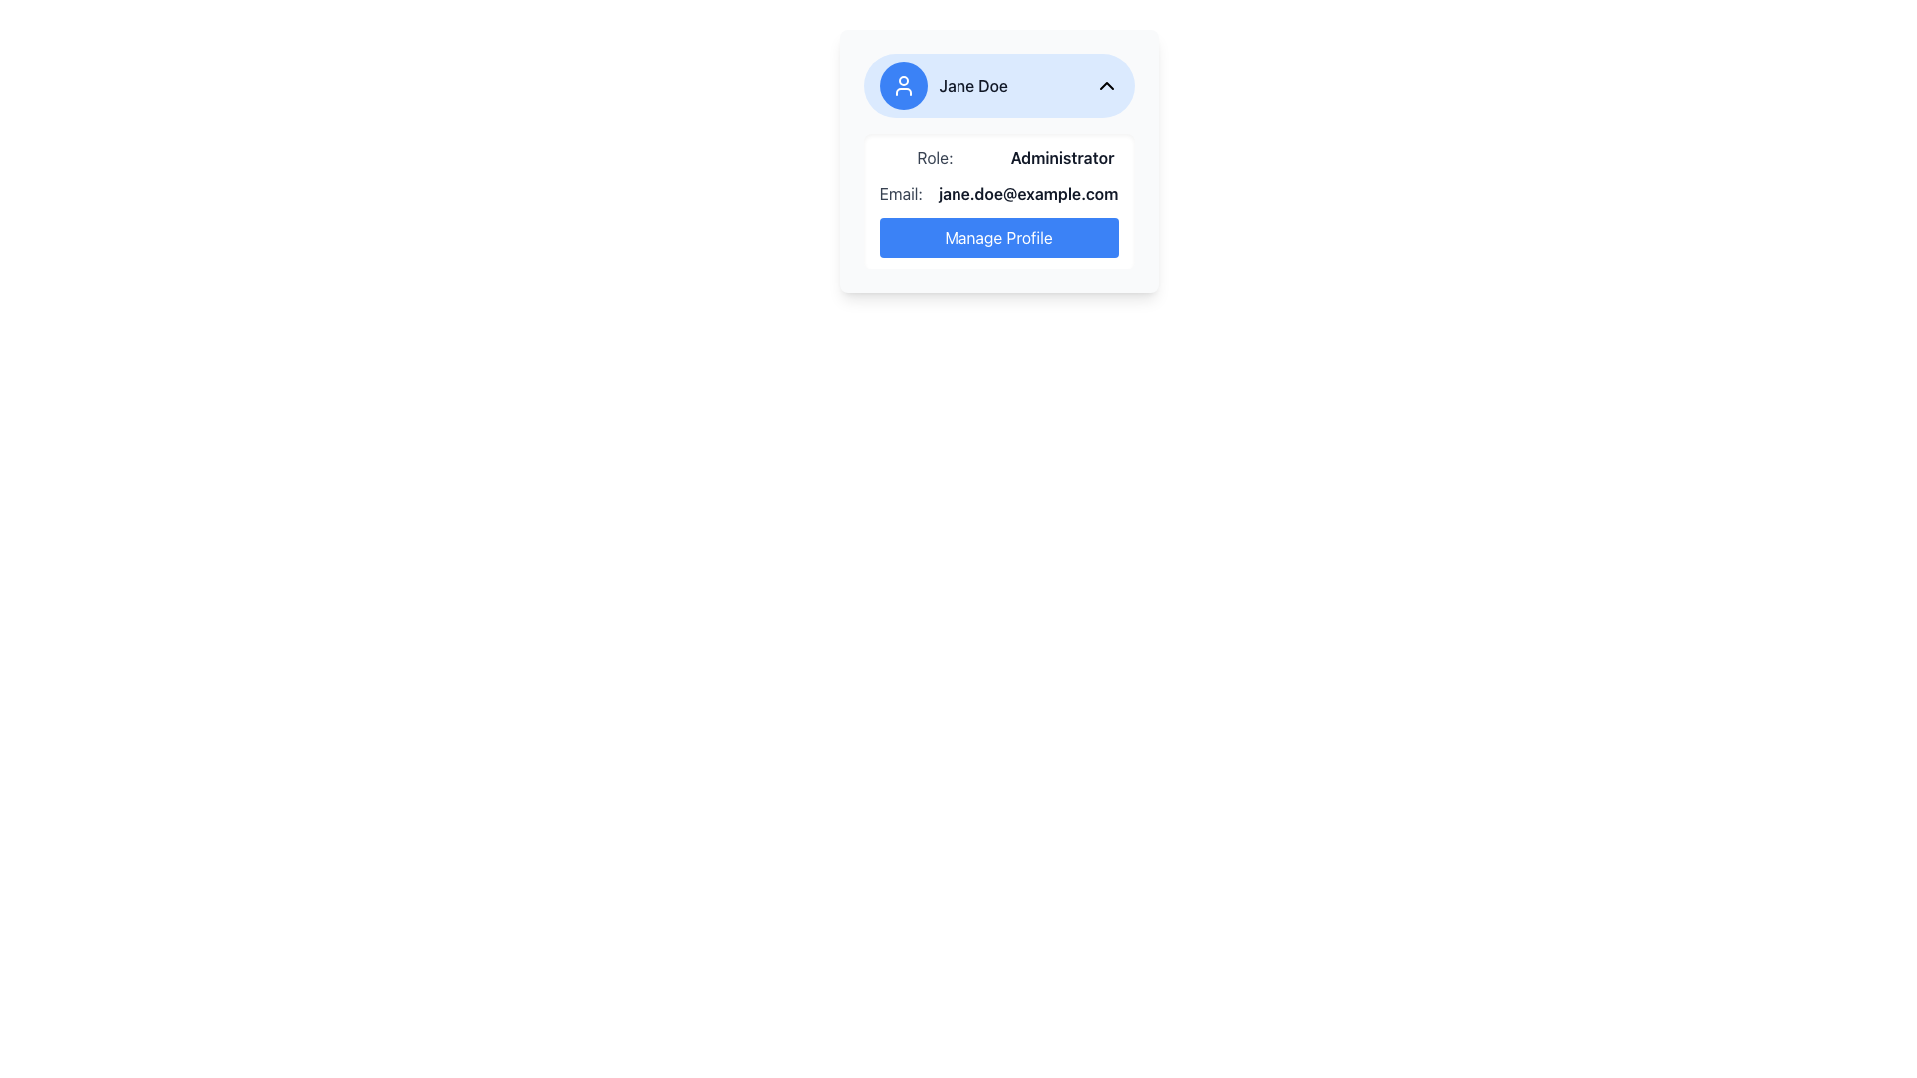 The width and height of the screenshot is (1917, 1078). I want to click on the 'Manage Profile' button, which is a rectangular button with a blue background and white text, located centrally under the details 'Role: Administrator' and 'Email: jane.doe@example.com', so click(997, 237).